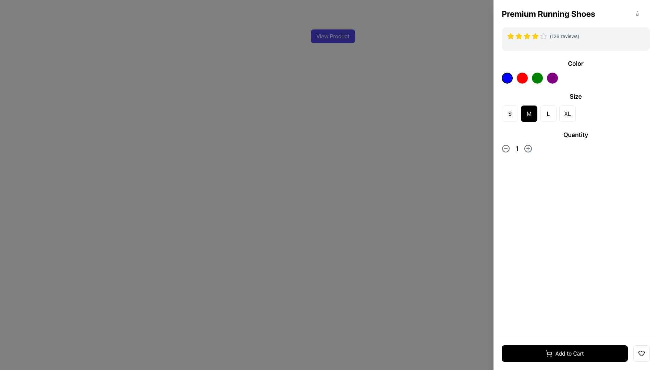  What do you see at coordinates (568, 113) in the screenshot?
I see `the square button with rounded corners labeled 'XL'` at bounding box center [568, 113].